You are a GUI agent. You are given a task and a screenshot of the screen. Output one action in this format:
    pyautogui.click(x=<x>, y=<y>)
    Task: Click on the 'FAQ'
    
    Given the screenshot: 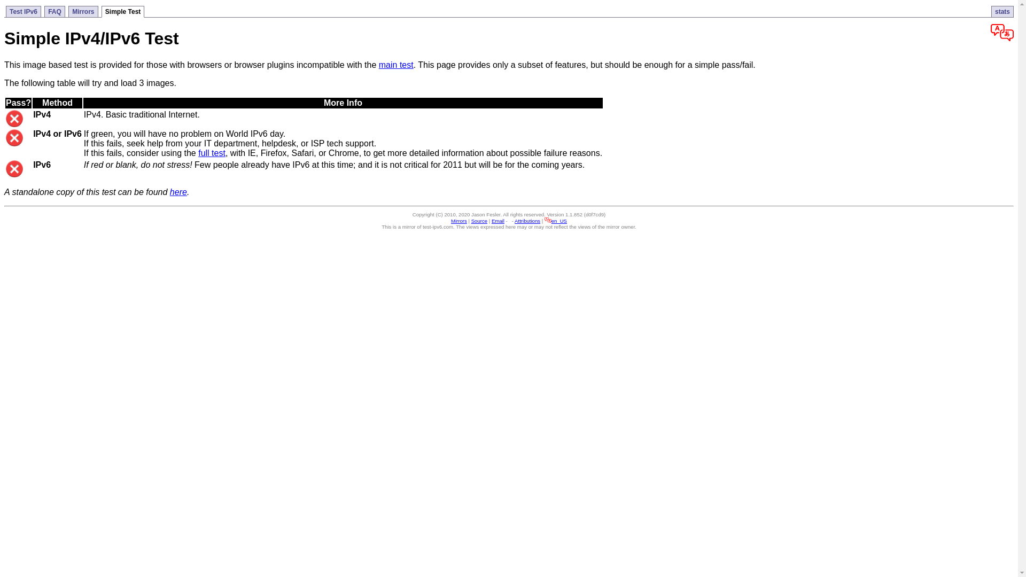 What is the action you would take?
    pyautogui.click(x=43, y=11)
    